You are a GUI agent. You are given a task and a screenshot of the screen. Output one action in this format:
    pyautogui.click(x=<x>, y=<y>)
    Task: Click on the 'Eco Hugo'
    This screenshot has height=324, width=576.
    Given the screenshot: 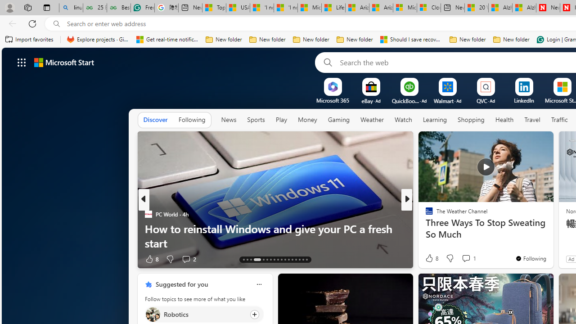 What is the action you would take?
    pyautogui.click(x=425, y=214)
    